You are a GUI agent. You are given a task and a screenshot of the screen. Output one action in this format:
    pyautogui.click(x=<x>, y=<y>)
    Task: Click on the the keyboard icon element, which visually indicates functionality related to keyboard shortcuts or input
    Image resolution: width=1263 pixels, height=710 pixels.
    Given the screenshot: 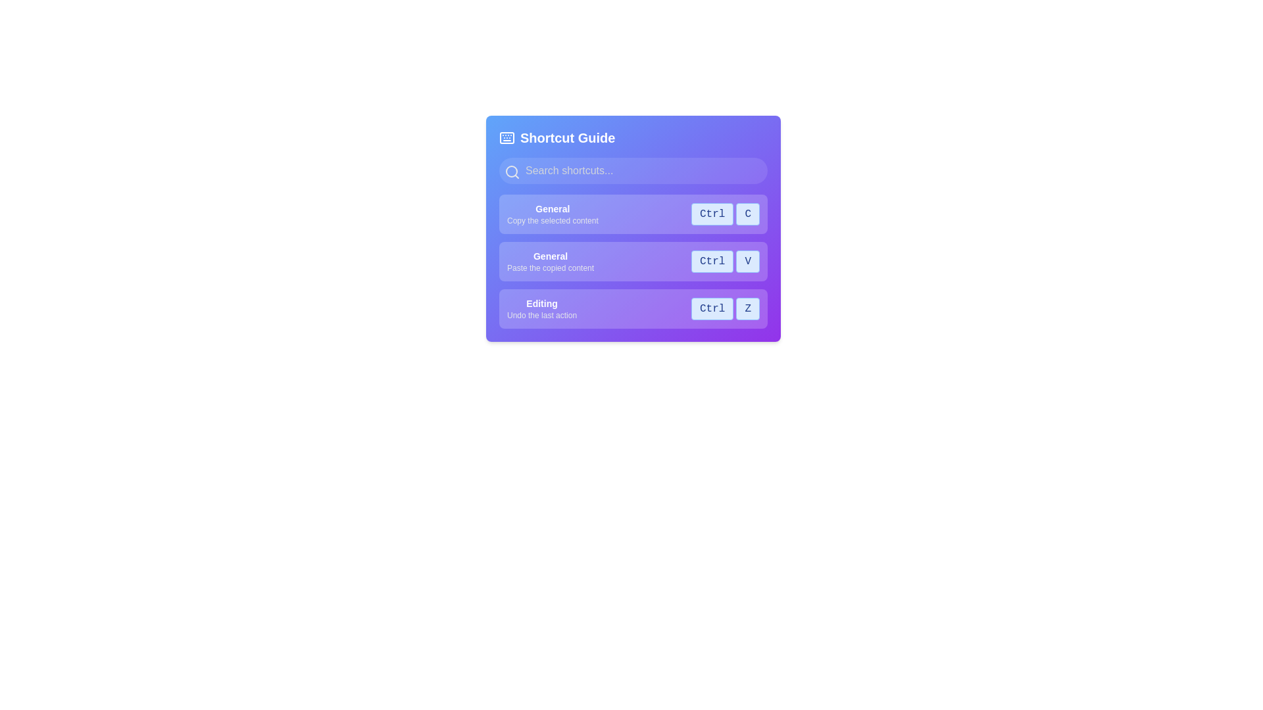 What is the action you would take?
    pyautogui.click(x=507, y=137)
    